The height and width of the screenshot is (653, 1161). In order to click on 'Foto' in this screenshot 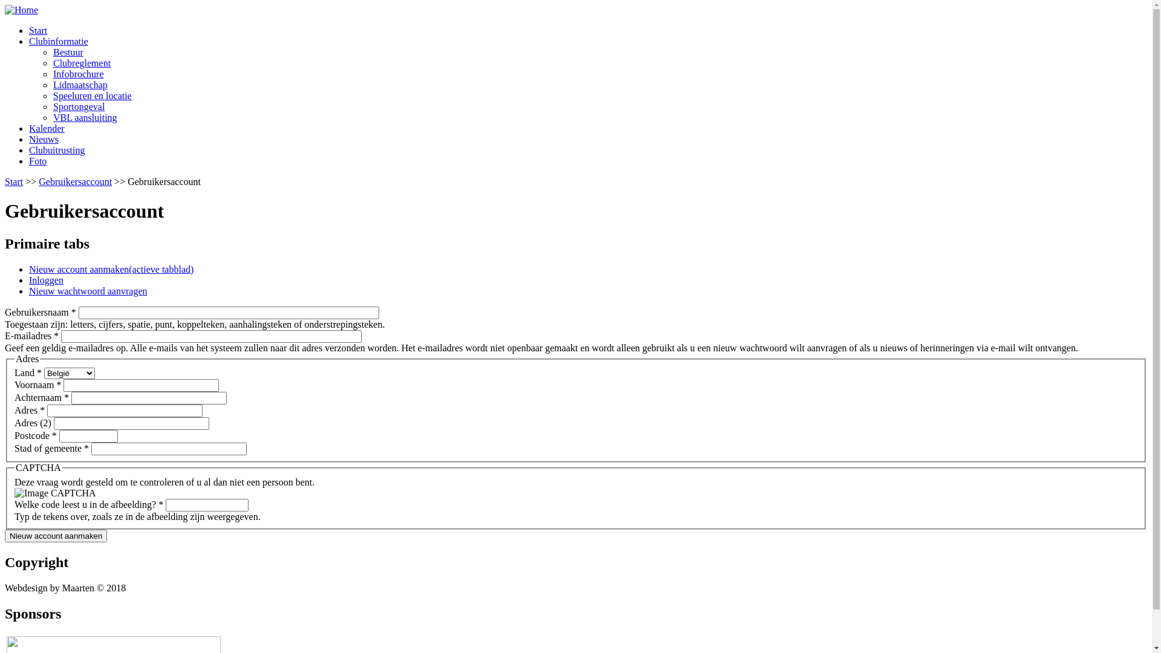, I will do `click(29, 160)`.